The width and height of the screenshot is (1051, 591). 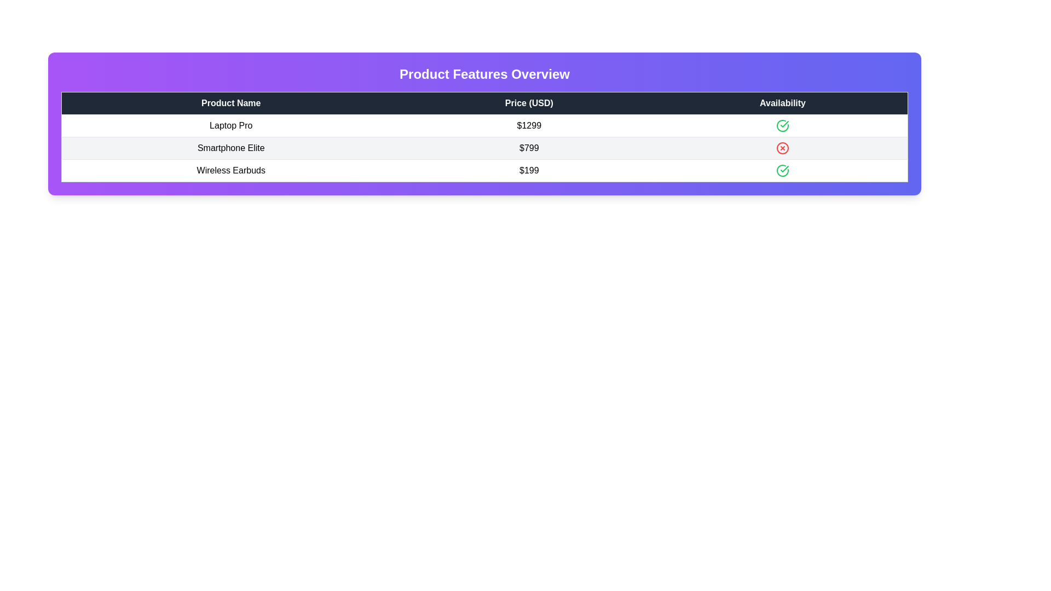 What do you see at coordinates (230, 171) in the screenshot?
I see `the text label displaying 'Wireless Earbuds' in the third row of the product listing table under the 'Product Name' column` at bounding box center [230, 171].